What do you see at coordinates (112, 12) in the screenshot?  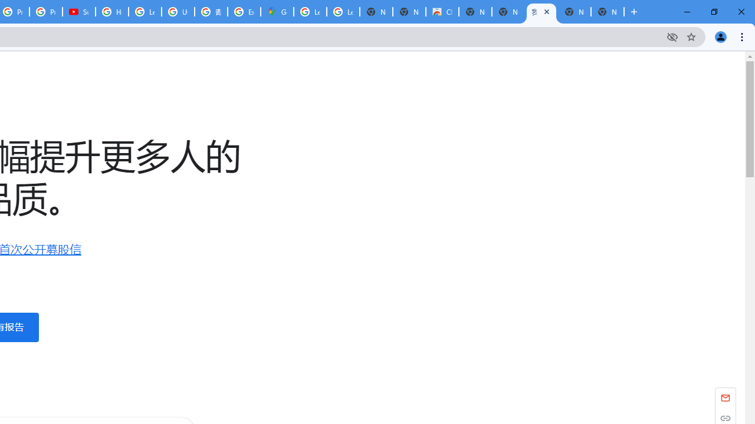 I see `'How Chrome protects your passwords - Google Chrome Help'` at bounding box center [112, 12].